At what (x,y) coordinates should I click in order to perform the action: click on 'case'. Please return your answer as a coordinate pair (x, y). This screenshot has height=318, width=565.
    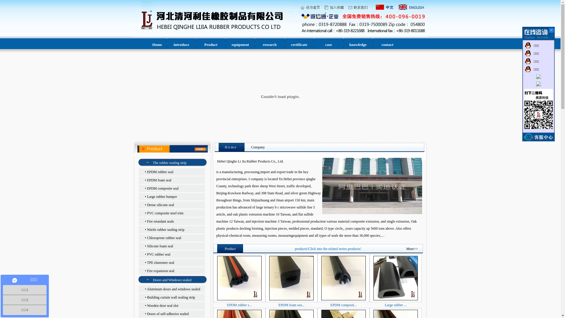
    Looking at the image, I should click on (325, 44).